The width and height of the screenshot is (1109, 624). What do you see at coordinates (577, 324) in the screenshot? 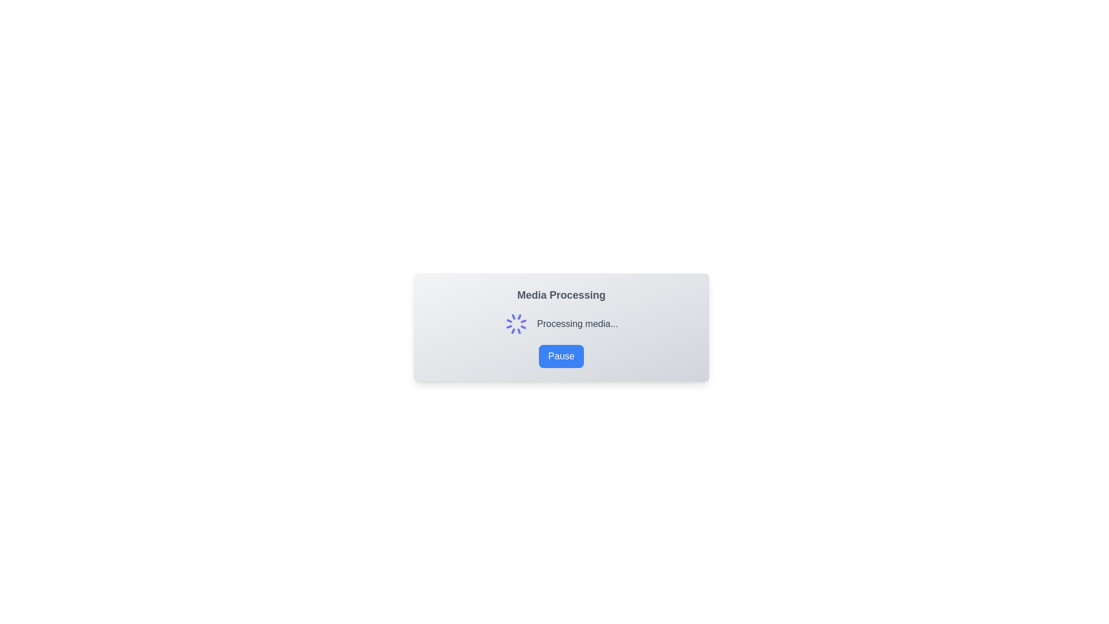
I see `the static text label displaying 'Processing media...' which is located below a spinner icon and above a blue 'Pause' button` at bounding box center [577, 324].